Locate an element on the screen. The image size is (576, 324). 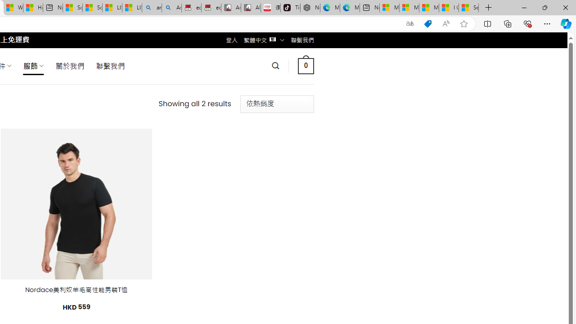
'amazon - Search' is located at coordinates (152, 8).